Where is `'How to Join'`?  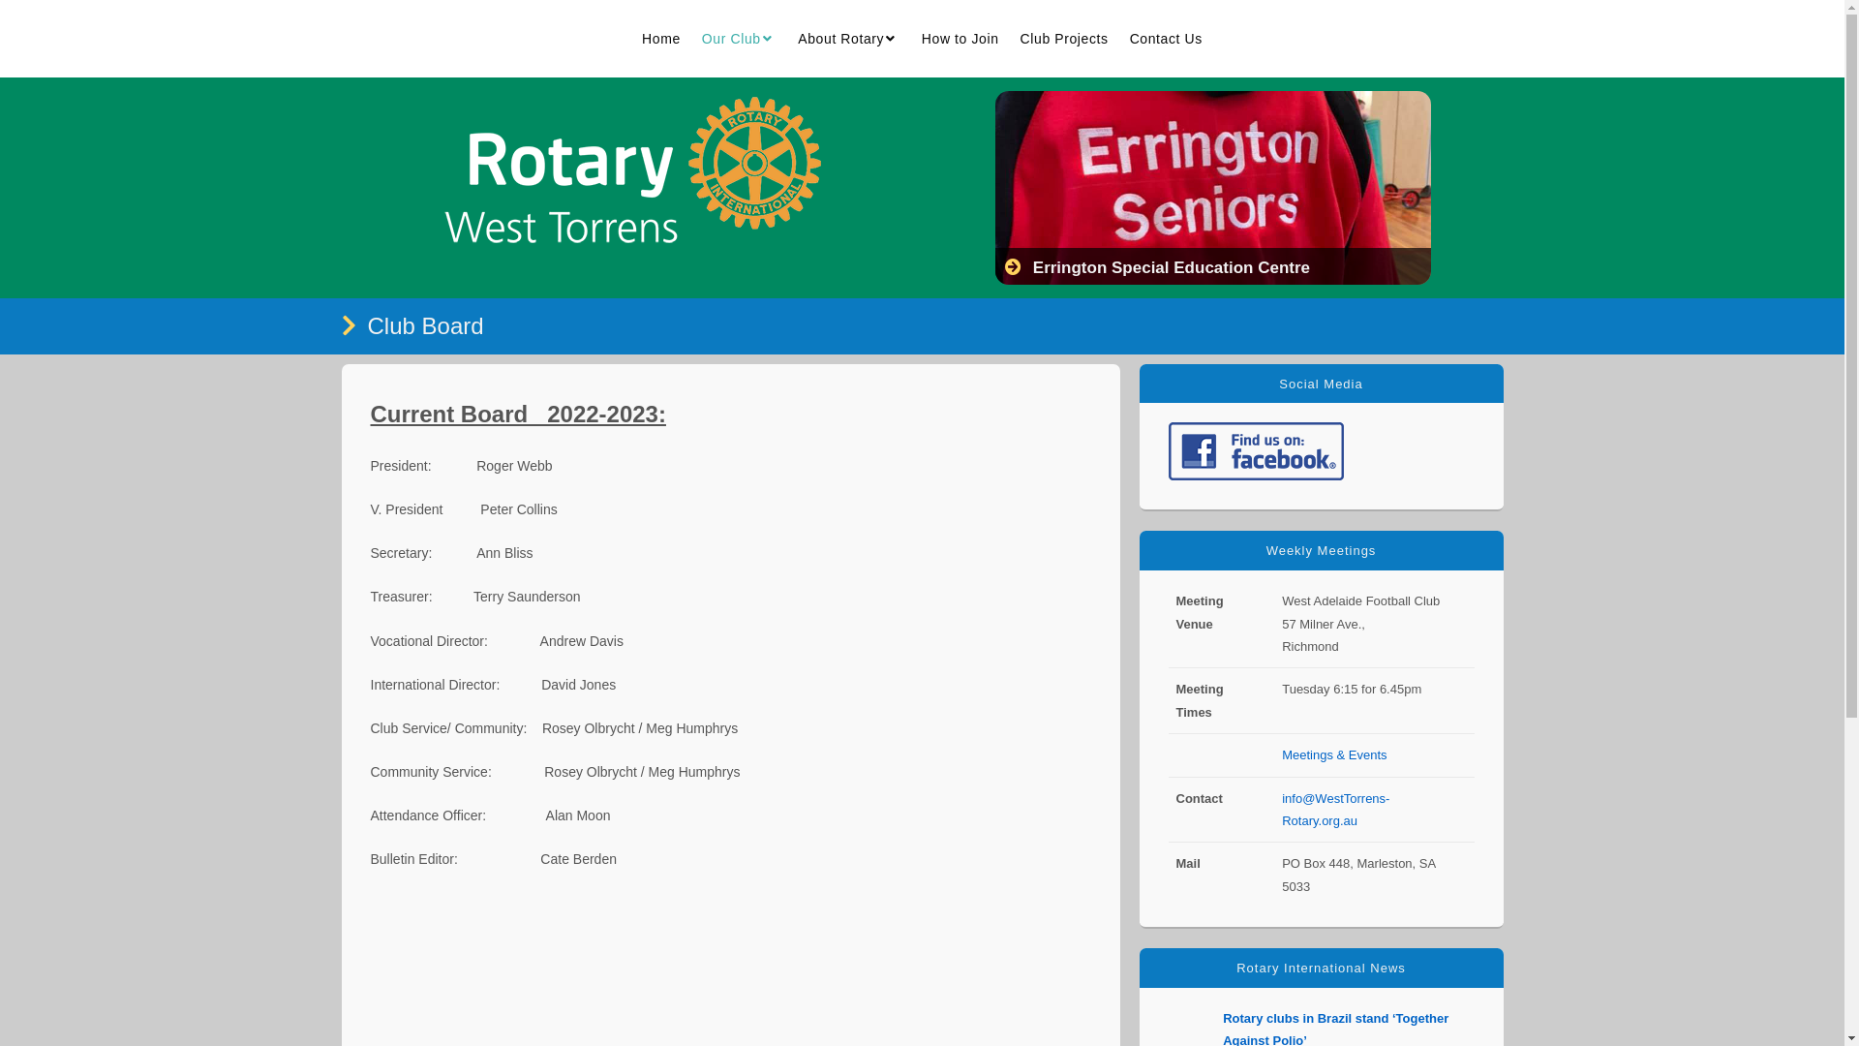
'How to Join' is located at coordinates (960, 38).